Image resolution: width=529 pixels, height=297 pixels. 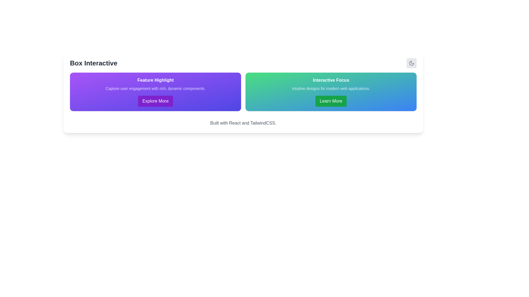 What do you see at coordinates (155, 80) in the screenshot?
I see `the static text label displaying 'Feature Highlight', which is styled in bold white font against a purple gradient background` at bounding box center [155, 80].